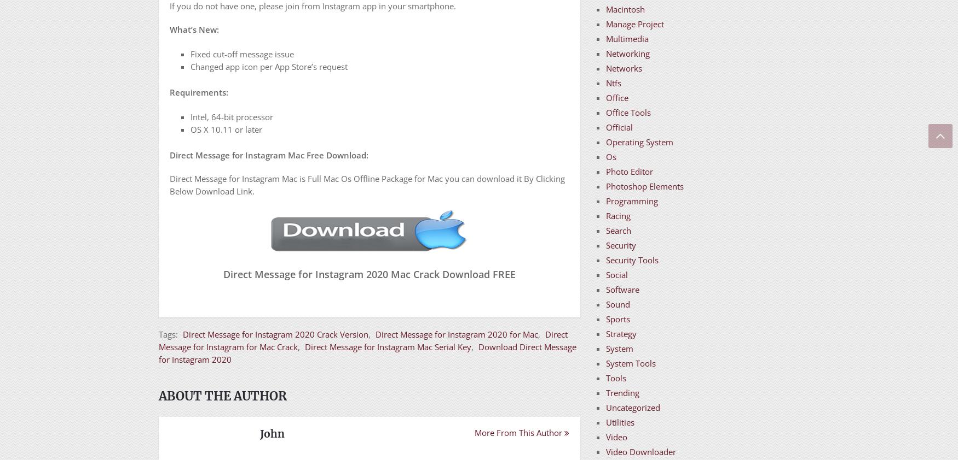 This screenshot has width=958, height=460. I want to click on 'Intel, 64-bit processor', so click(190, 117).